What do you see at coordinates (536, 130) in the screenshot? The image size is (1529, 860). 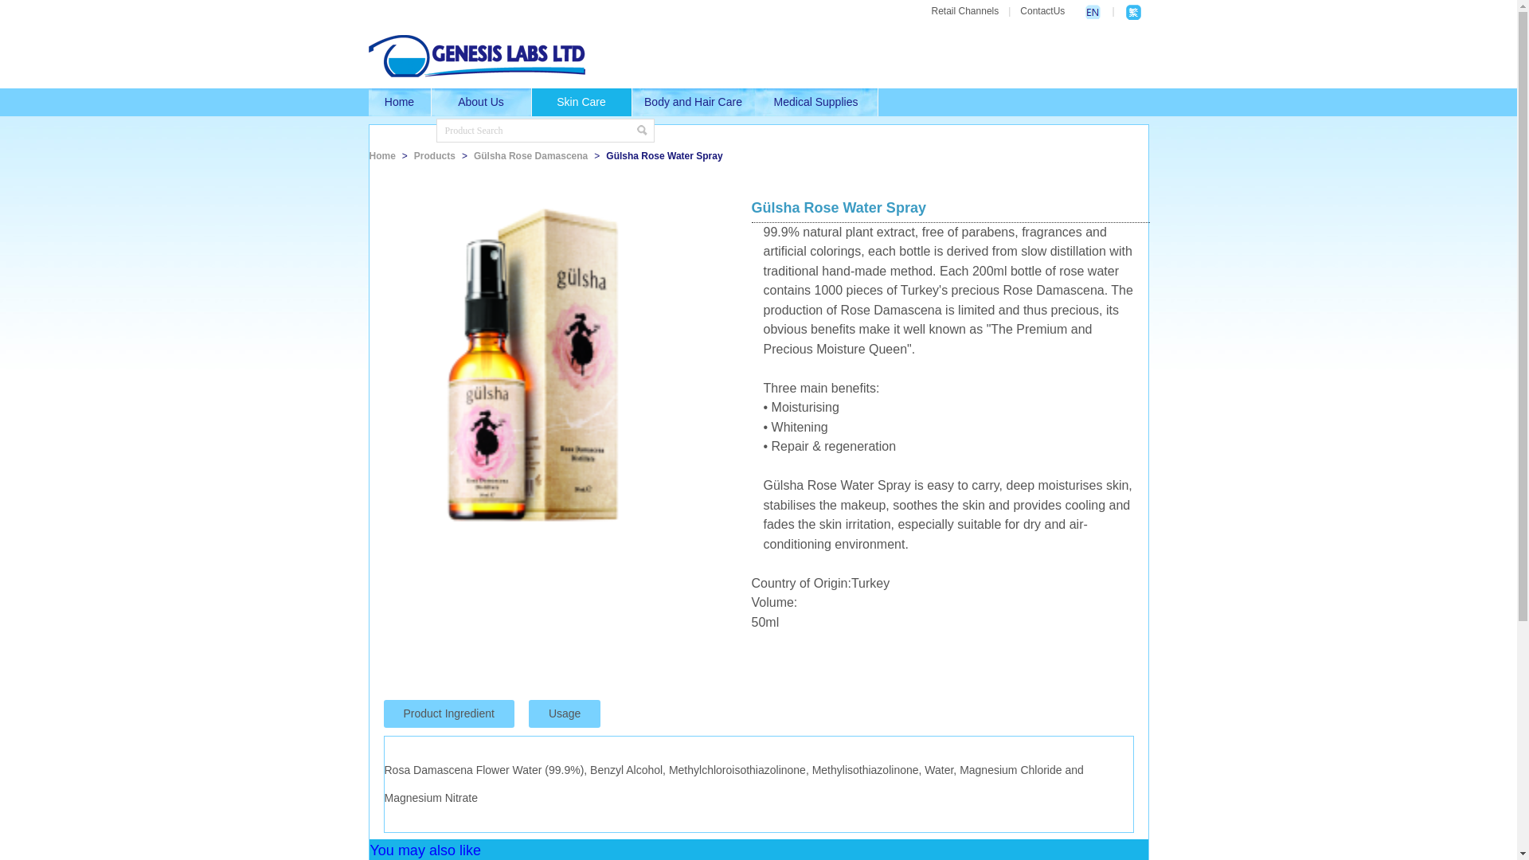 I see `'Search product here...'` at bounding box center [536, 130].